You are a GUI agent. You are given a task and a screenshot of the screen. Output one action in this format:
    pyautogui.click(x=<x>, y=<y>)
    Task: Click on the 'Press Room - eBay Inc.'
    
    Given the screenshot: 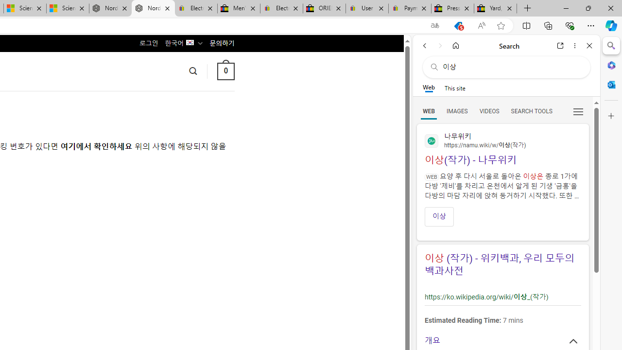 What is the action you would take?
    pyautogui.click(x=452, y=8)
    